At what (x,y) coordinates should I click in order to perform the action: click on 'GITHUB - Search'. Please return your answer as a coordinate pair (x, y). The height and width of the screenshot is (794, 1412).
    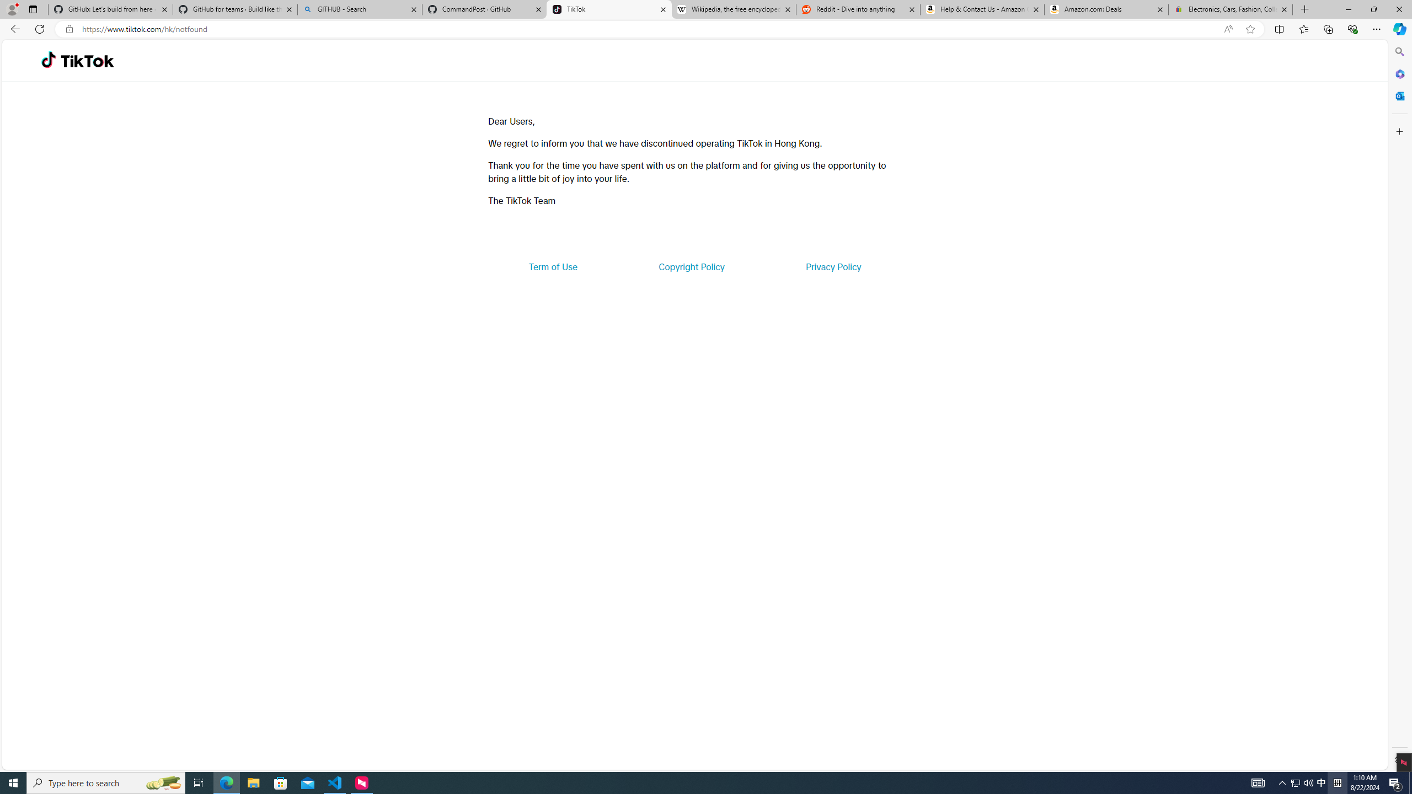
    Looking at the image, I should click on (359, 9).